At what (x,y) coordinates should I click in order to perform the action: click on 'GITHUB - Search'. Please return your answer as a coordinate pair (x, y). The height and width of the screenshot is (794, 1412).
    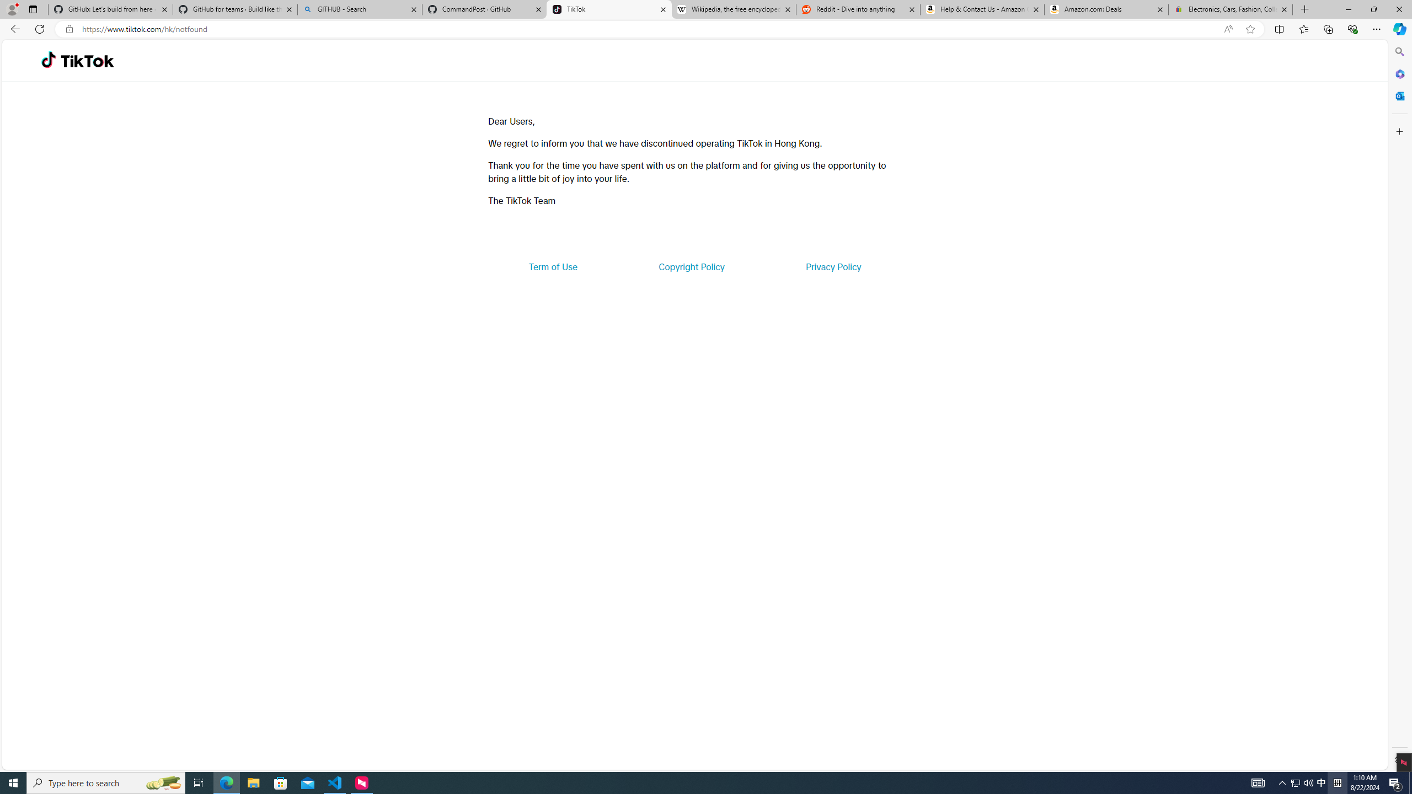
    Looking at the image, I should click on (359, 9).